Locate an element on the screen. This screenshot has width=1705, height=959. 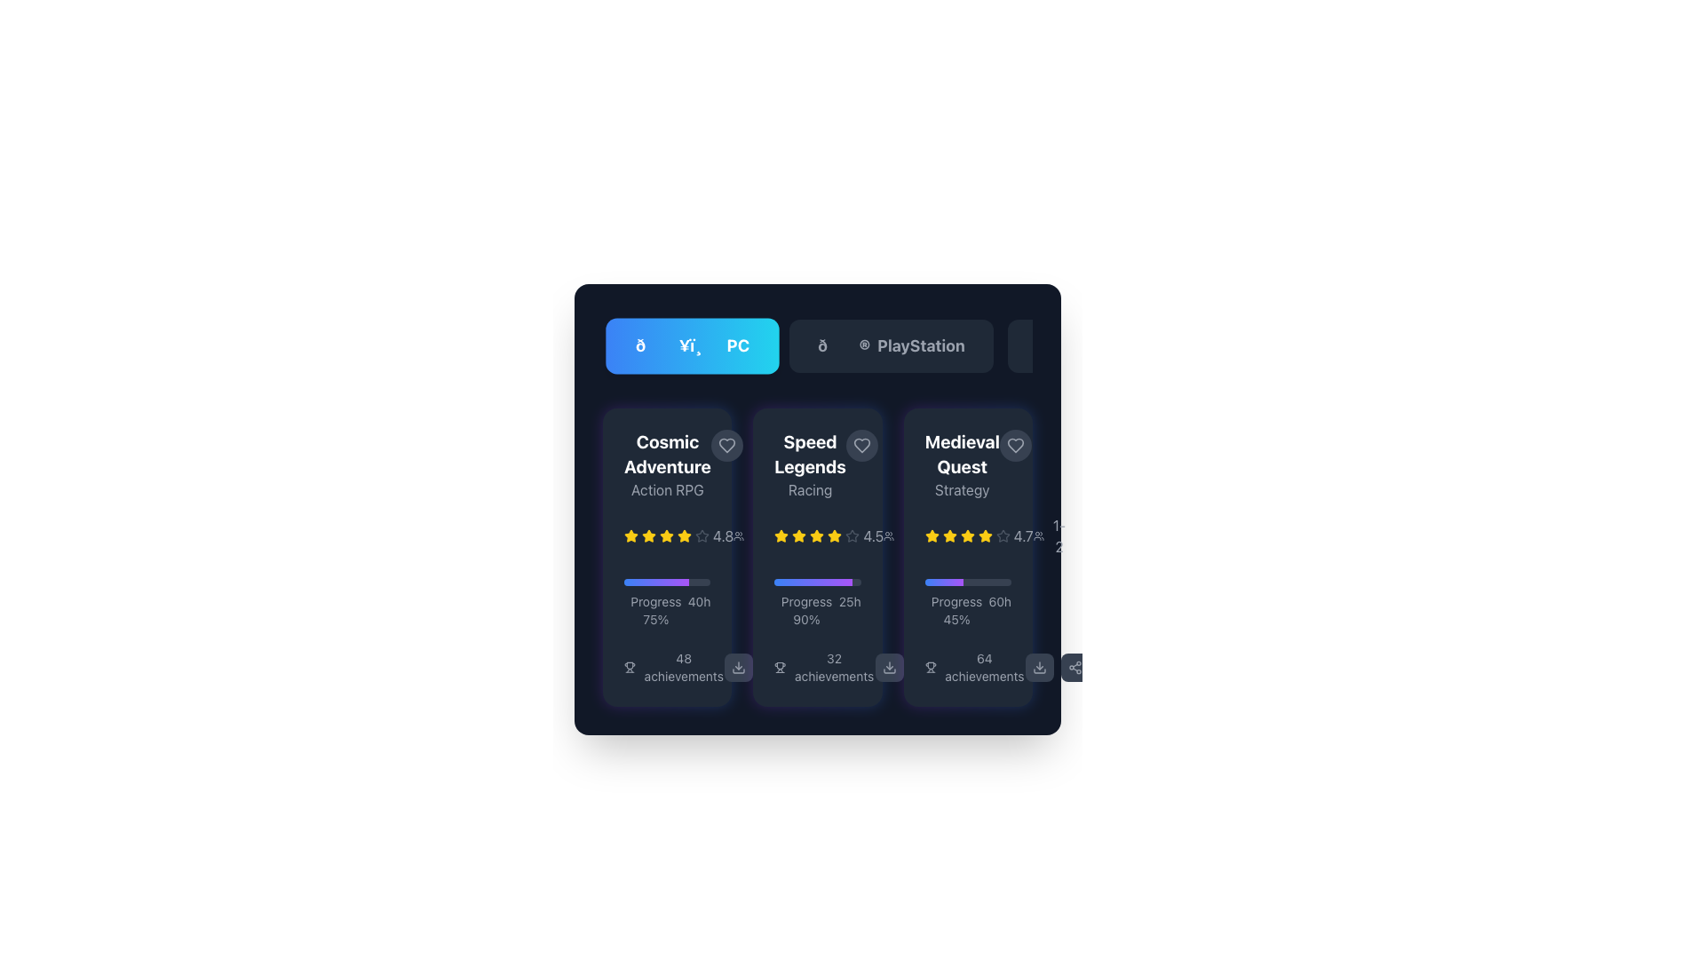
the static text display showing '64 achievements' located in the bottom-right corner of the 'Medieval Quest' card, beneath the progress bar and star rating is located at coordinates (983, 668).